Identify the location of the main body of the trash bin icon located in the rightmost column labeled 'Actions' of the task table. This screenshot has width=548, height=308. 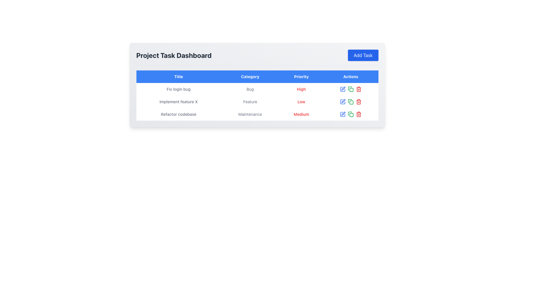
(358, 90).